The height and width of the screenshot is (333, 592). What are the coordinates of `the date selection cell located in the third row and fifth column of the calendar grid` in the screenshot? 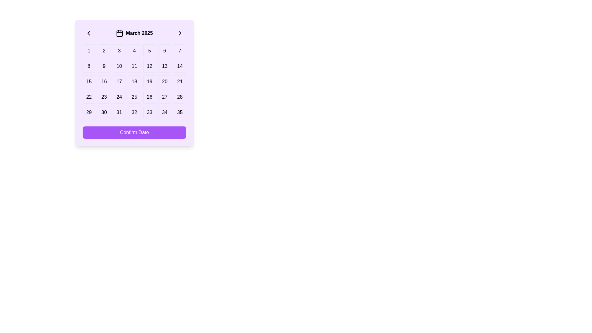 It's located at (150, 81).